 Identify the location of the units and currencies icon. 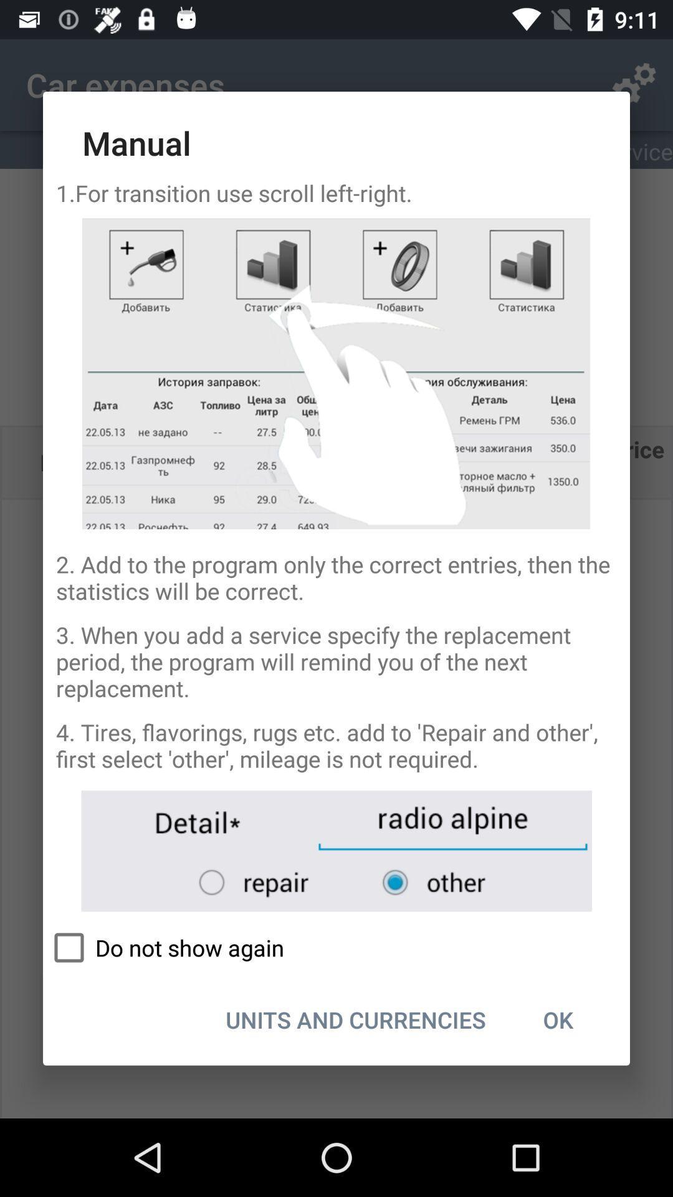
(356, 1019).